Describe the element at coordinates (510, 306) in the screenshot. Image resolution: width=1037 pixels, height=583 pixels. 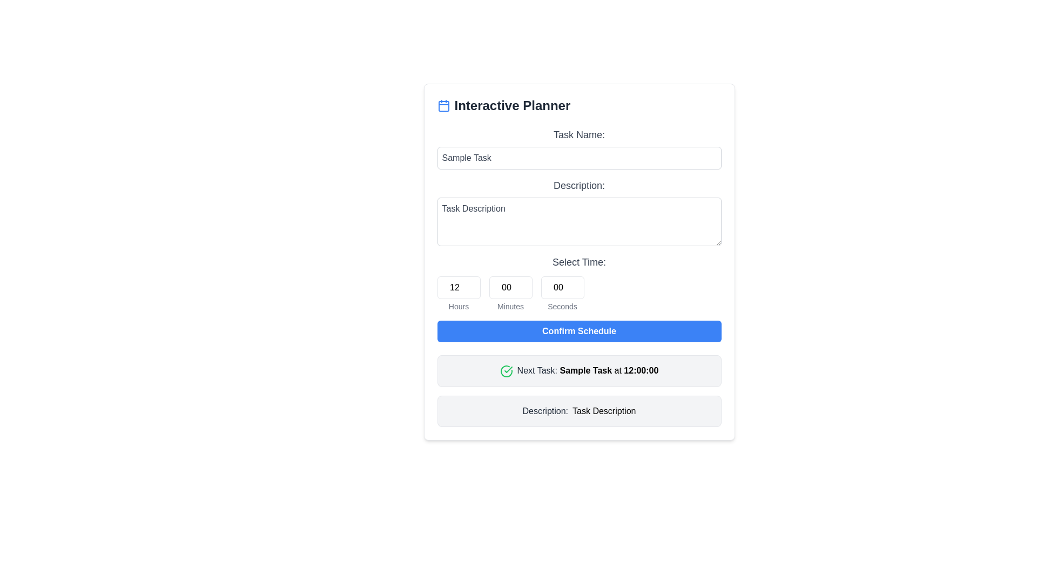
I see `the 'Minutes' label, which is a small, gray text label positioned beneath the numeric input field for minute selection in the 'Select Time' section` at that location.